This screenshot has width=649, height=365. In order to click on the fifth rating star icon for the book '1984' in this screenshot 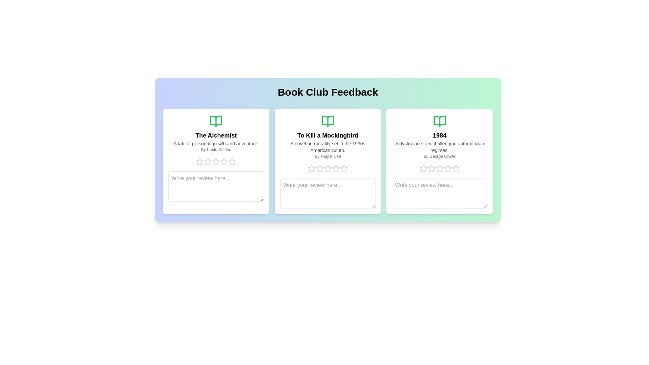, I will do `click(456, 168)`.